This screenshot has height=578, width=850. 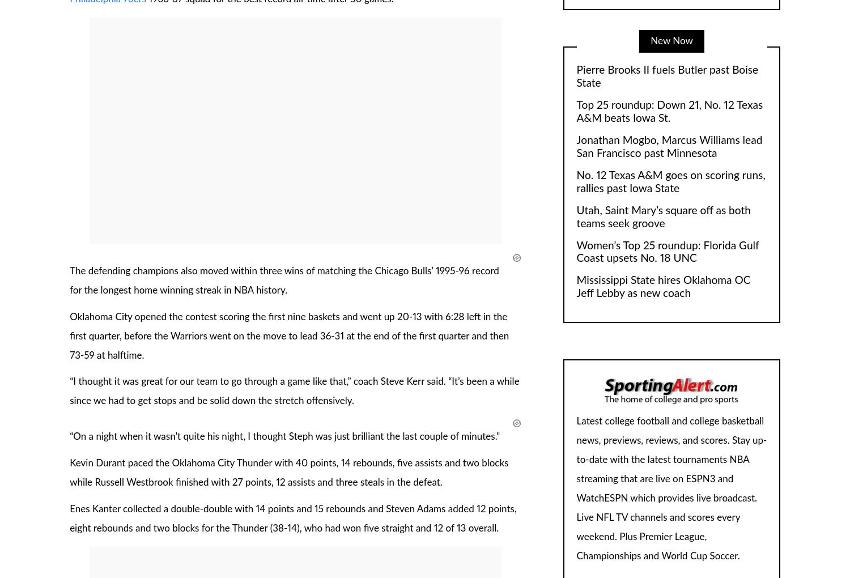 What do you see at coordinates (576, 252) in the screenshot?
I see `'Women’s Top 25 roundup: Florida Gulf Coast upsets No. 18 UNC'` at bounding box center [576, 252].